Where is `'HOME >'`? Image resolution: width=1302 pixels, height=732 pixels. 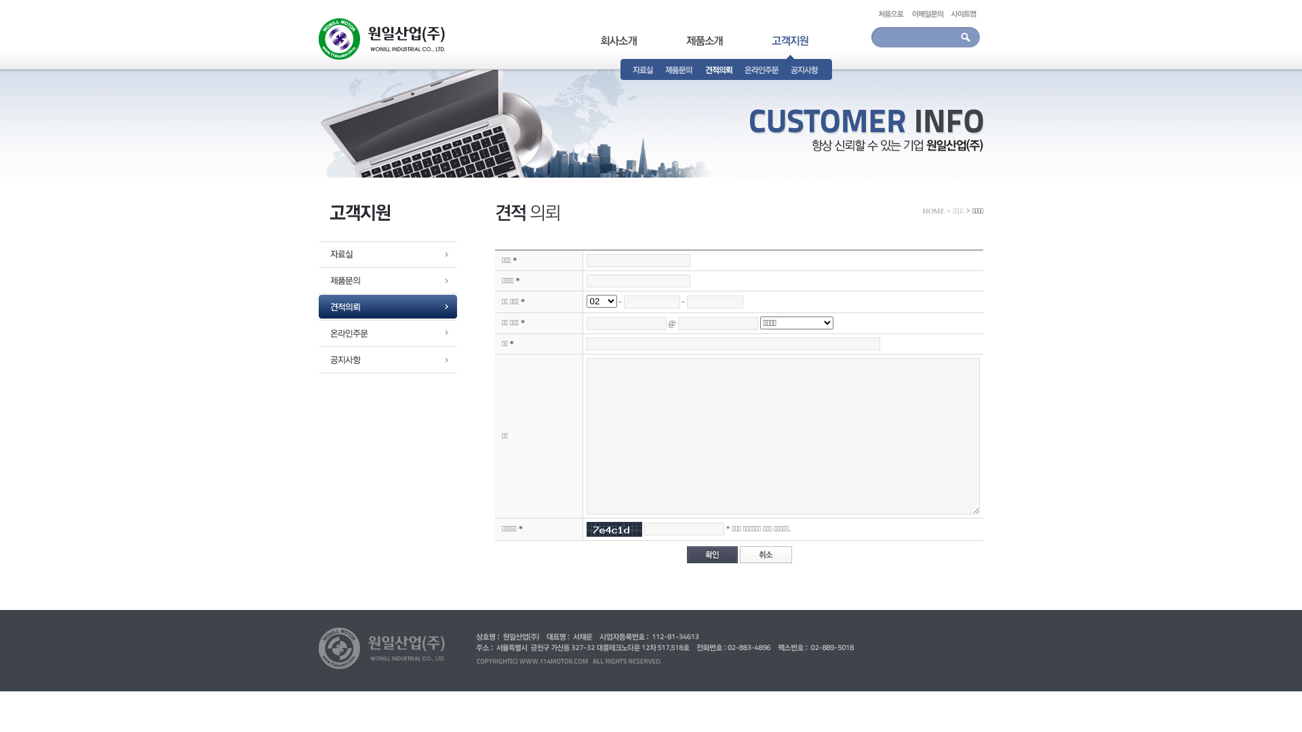 'HOME >' is located at coordinates (936, 211).